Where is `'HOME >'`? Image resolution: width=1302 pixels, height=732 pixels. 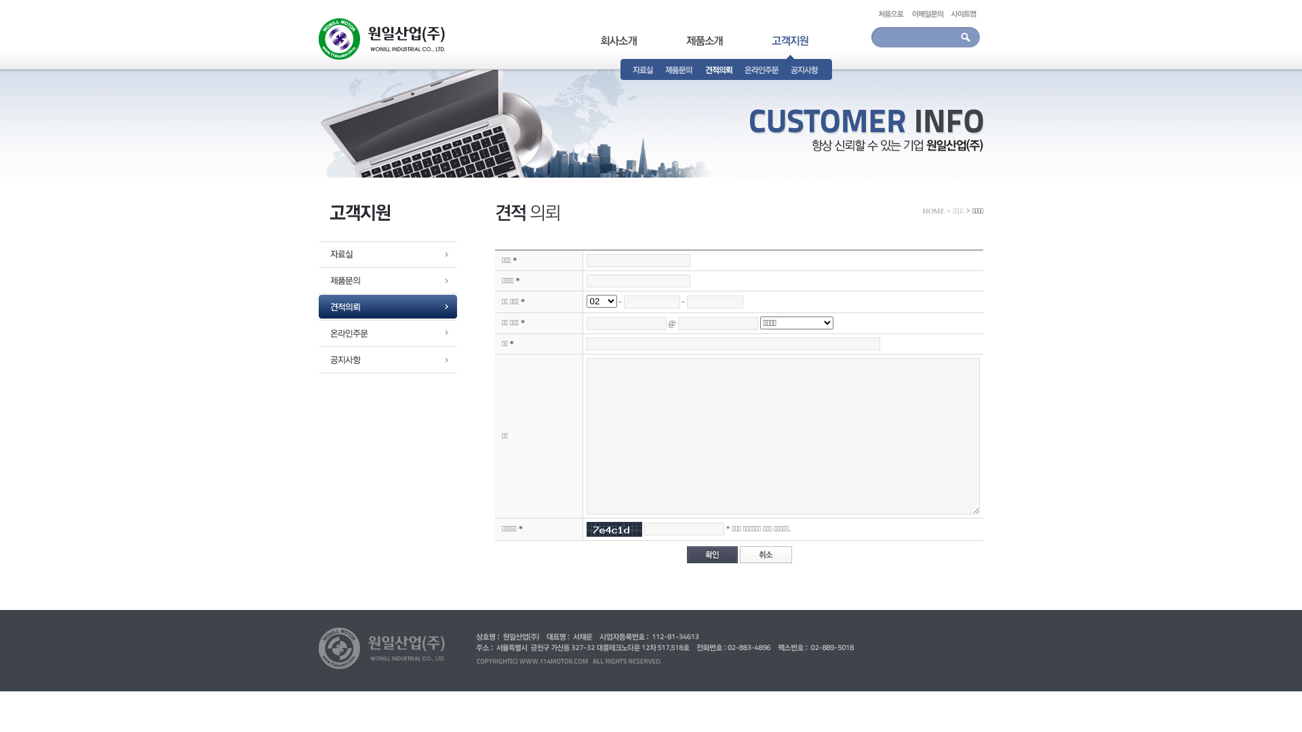 'HOME >' is located at coordinates (936, 211).